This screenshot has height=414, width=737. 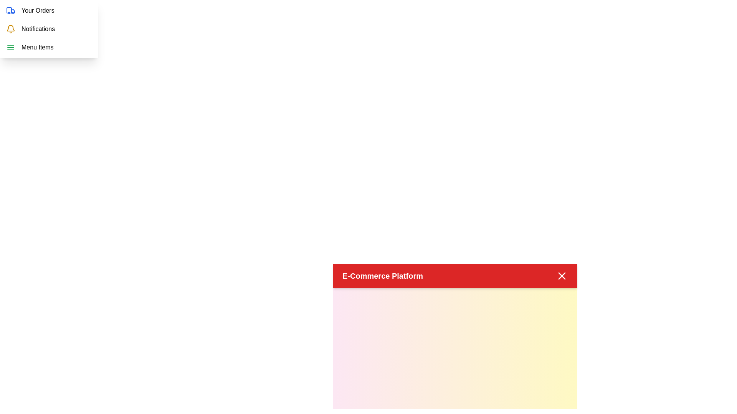 What do you see at coordinates (11, 29) in the screenshot?
I see `the bell icon located next to the 'Notifications' label to interact with user notifications` at bounding box center [11, 29].